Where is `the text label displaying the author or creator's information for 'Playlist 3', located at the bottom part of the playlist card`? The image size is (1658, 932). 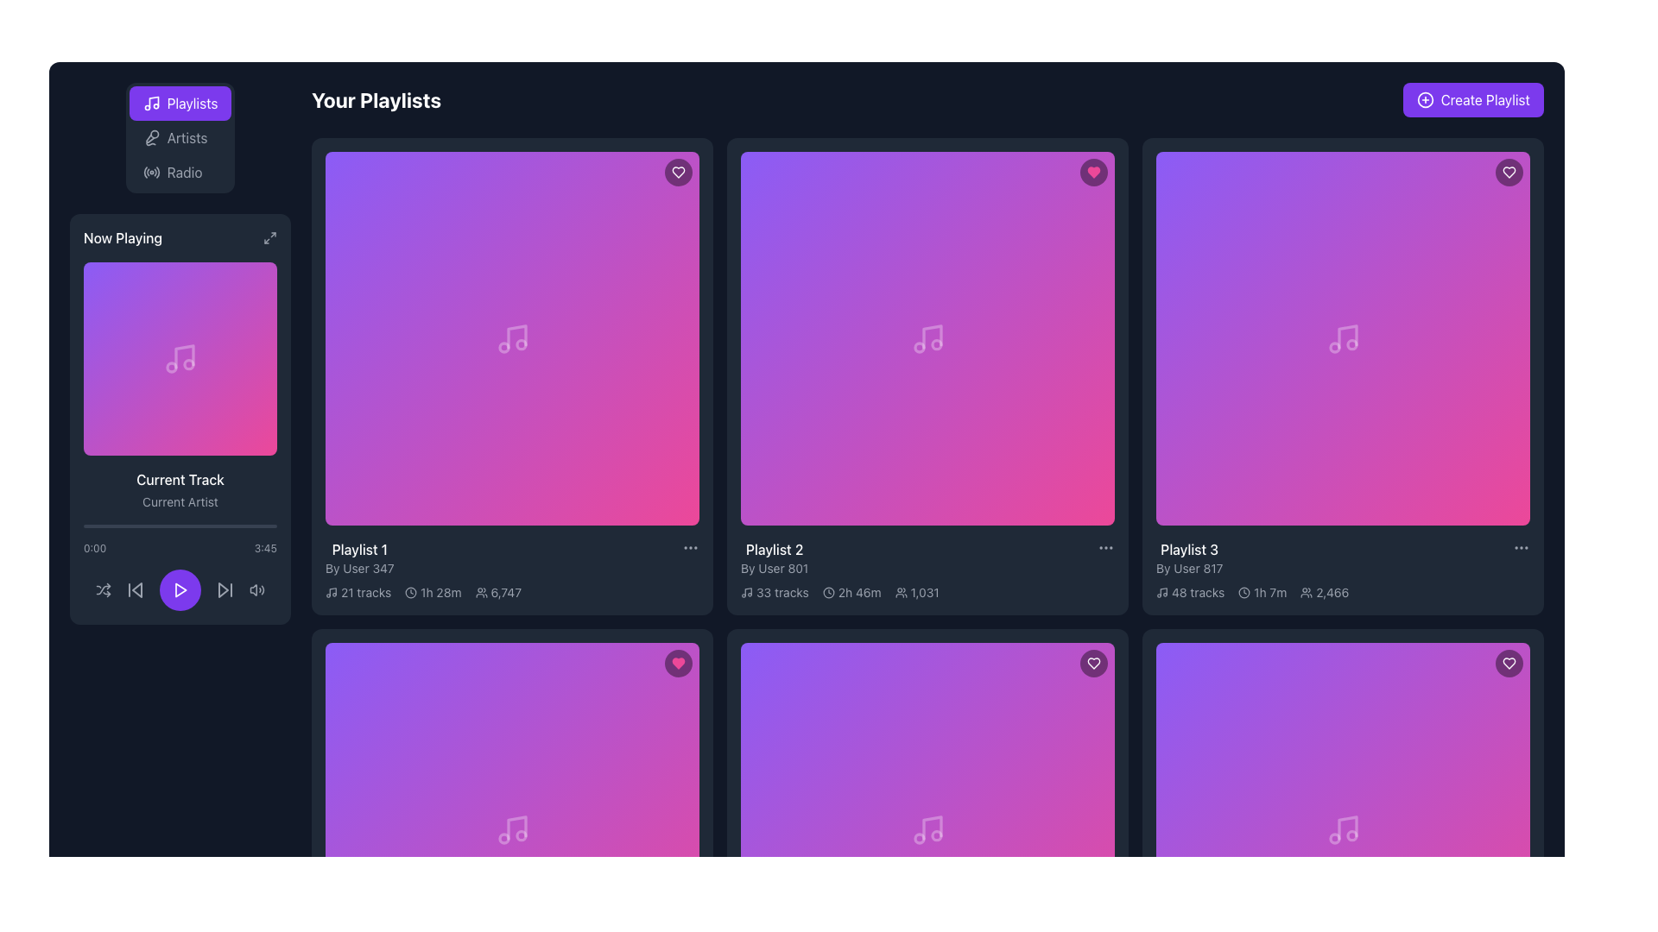 the text label displaying the author or creator's information for 'Playlist 3', located at the bottom part of the playlist card is located at coordinates (1188, 569).